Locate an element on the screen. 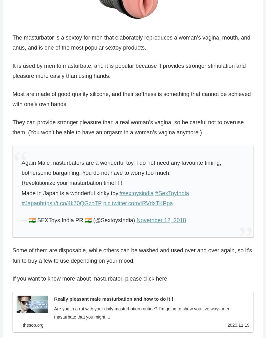  'thesop.org' is located at coordinates (23, 325).